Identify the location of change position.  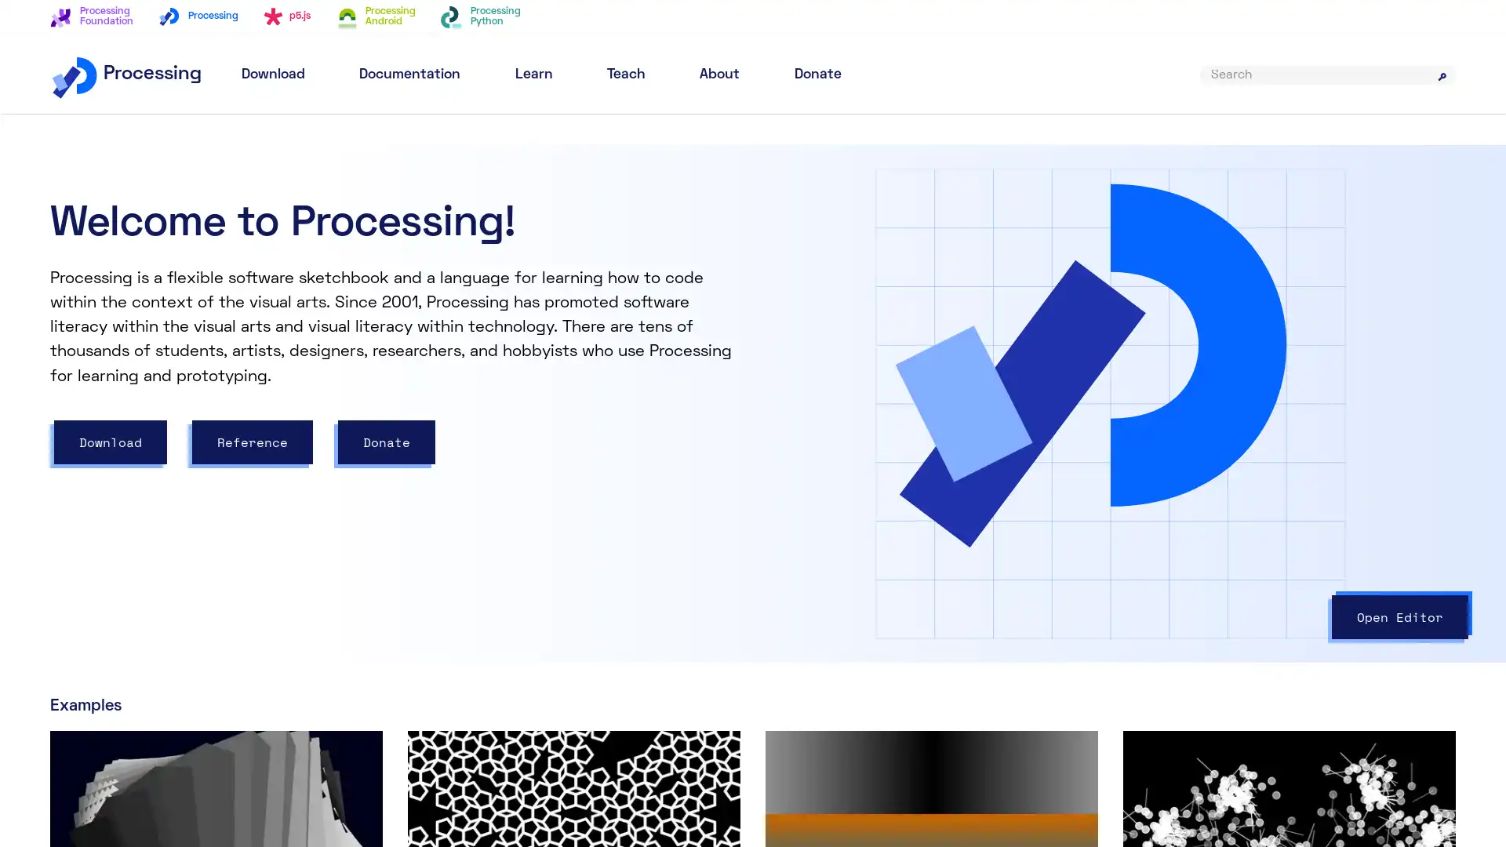
(857, 520).